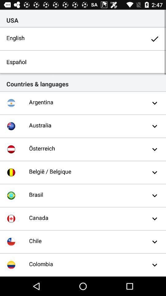 The width and height of the screenshot is (166, 296). Describe the element at coordinates (83, 39) in the screenshot. I see `the item below the usa icon` at that location.